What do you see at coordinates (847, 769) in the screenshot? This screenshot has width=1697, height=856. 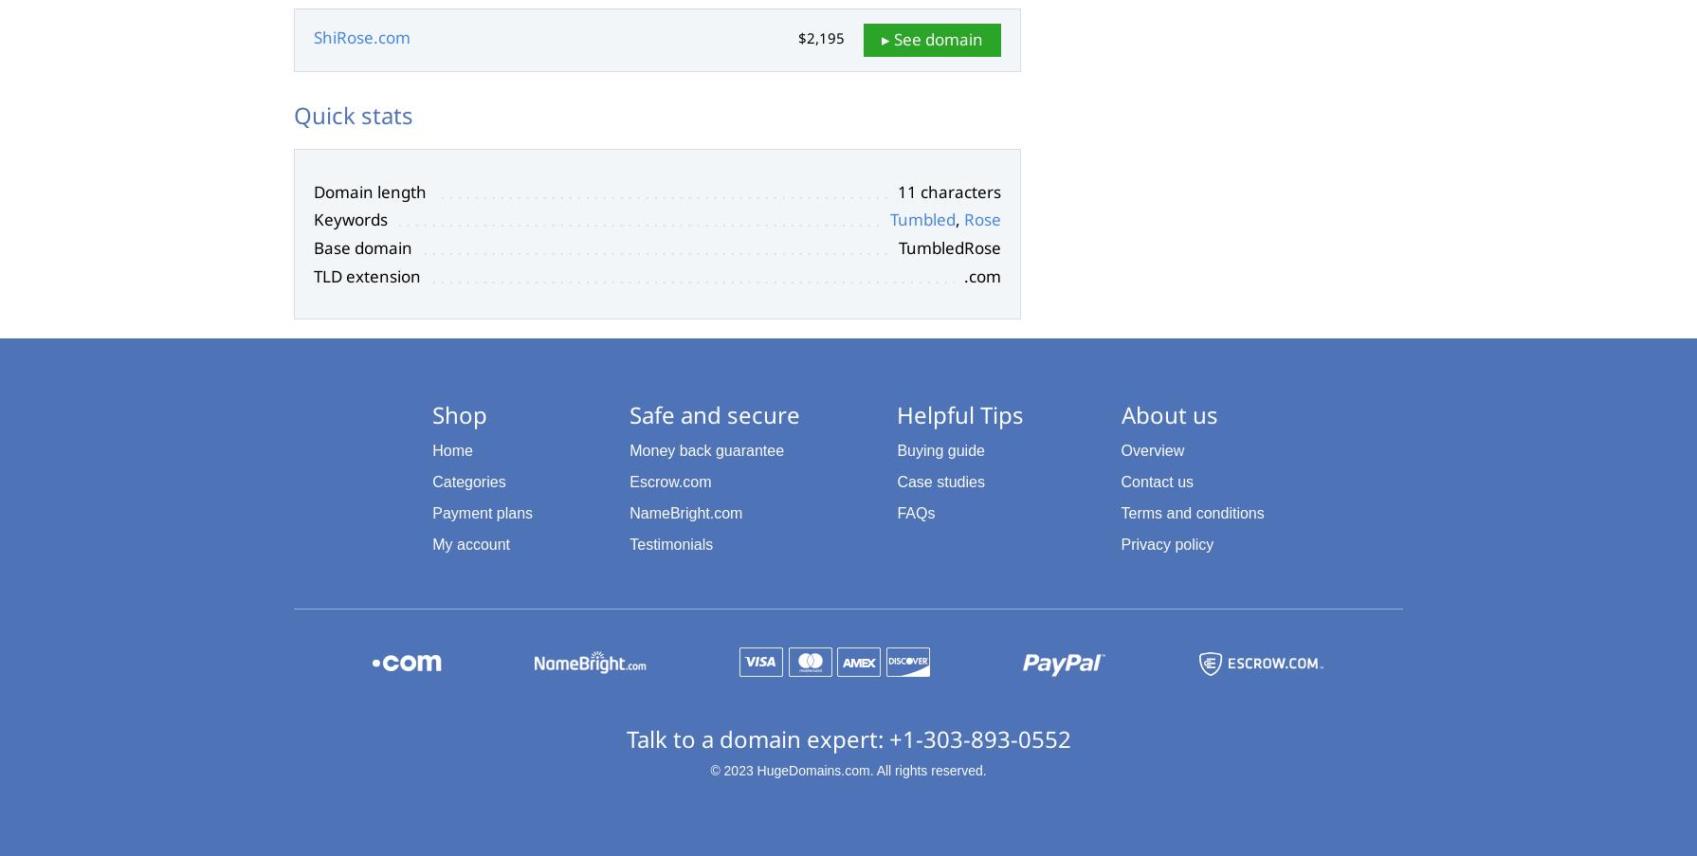 I see `'© 2023 HugeDomains.com. All rights reserved.'` at bounding box center [847, 769].